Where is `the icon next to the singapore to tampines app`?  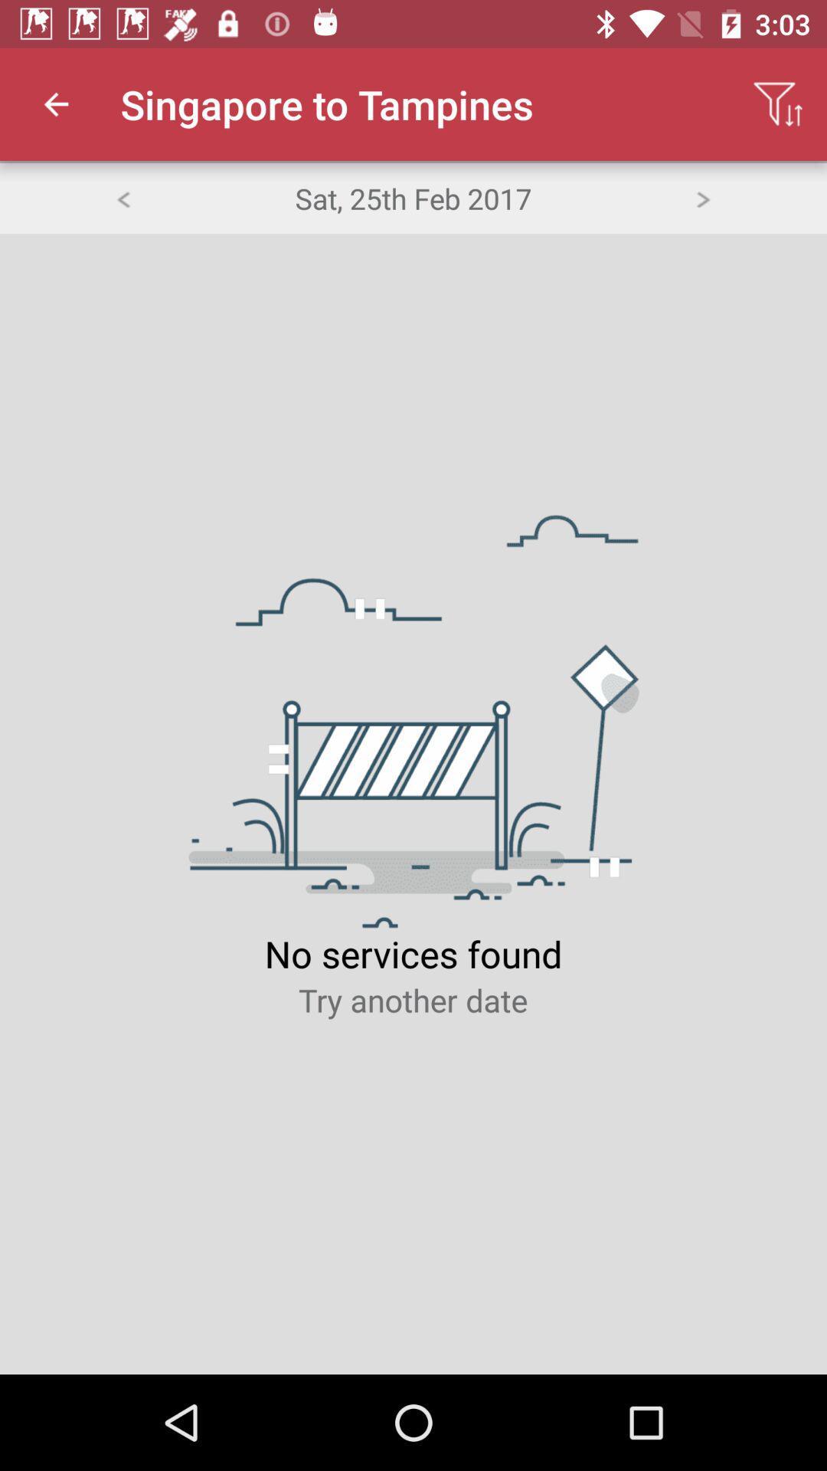
the icon next to the singapore to tampines app is located at coordinates (778, 103).